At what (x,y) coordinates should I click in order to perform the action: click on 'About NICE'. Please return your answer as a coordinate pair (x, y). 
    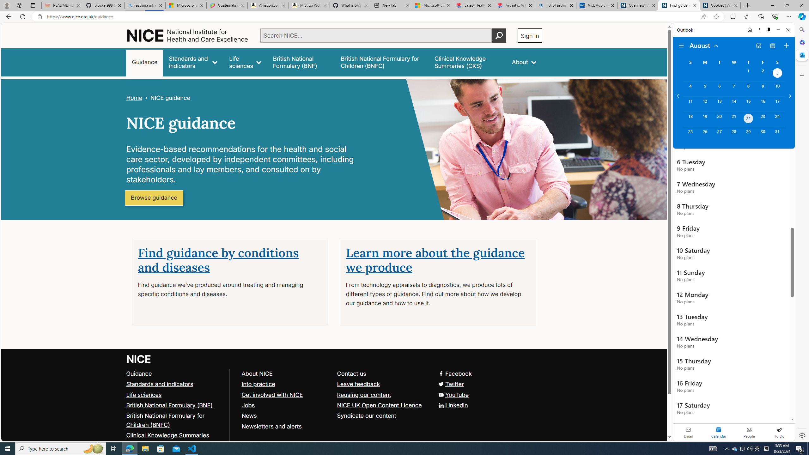
    Looking at the image, I should click on (286, 373).